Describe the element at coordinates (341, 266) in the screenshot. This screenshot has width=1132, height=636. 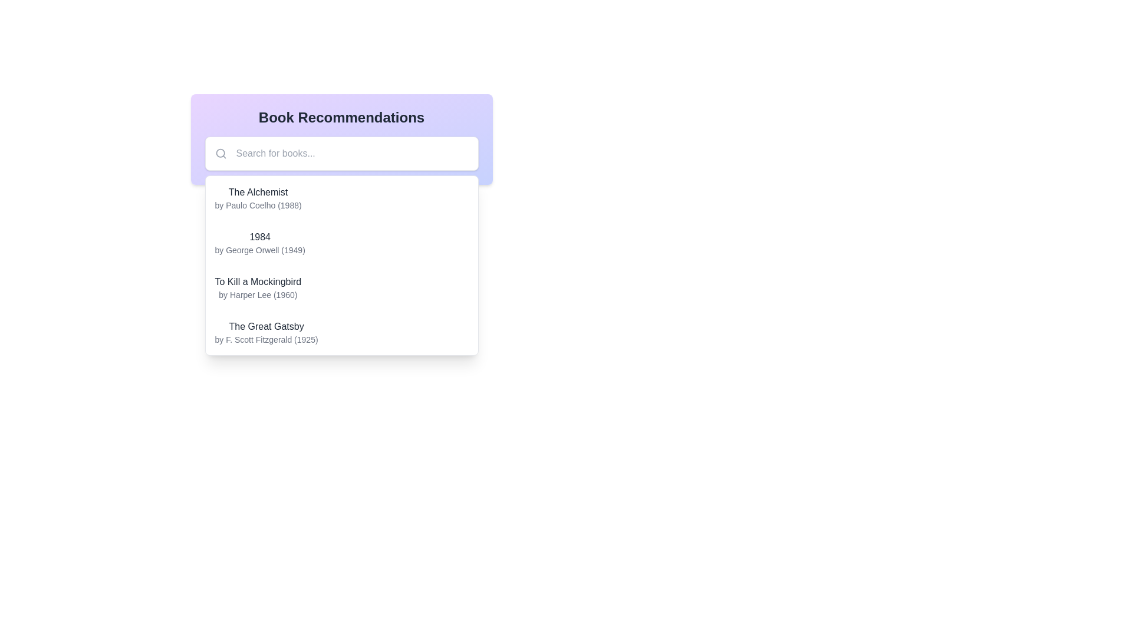
I see `the dropdown list of book recommendations positioned below the search bar to interact with it` at that location.